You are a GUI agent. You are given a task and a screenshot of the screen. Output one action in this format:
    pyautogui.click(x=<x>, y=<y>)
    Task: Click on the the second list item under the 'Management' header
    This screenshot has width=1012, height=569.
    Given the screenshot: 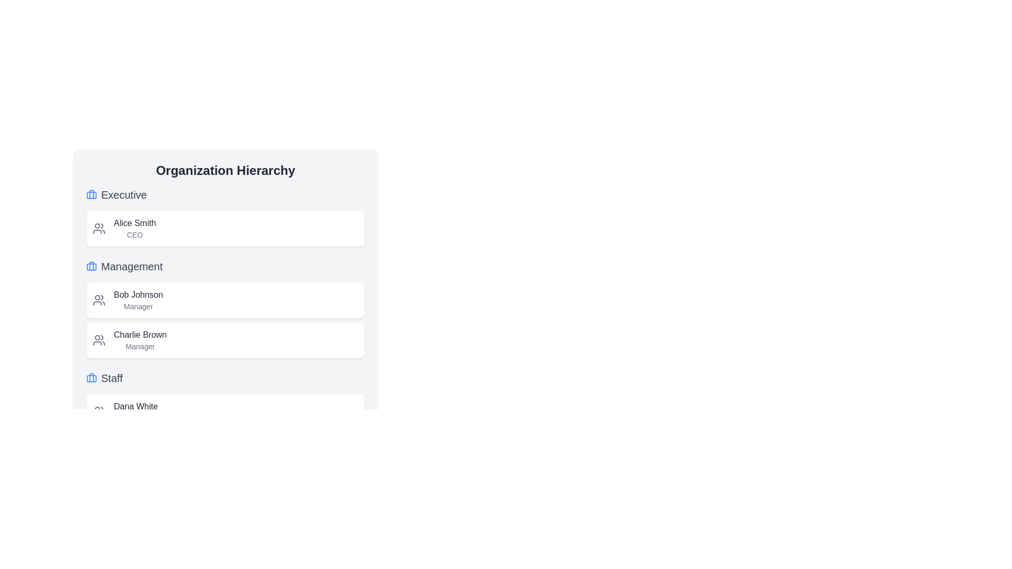 What is the action you would take?
    pyautogui.click(x=225, y=340)
    